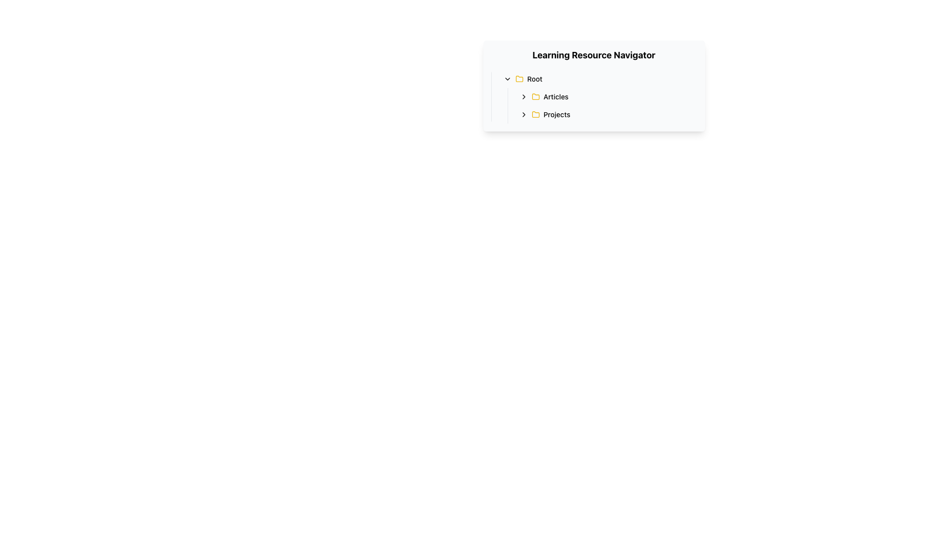  What do you see at coordinates (519, 78) in the screenshot?
I see `the yellow folder icon located to the left of the 'Root' label in the Learning Resource Navigator` at bounding box center [519, 78].